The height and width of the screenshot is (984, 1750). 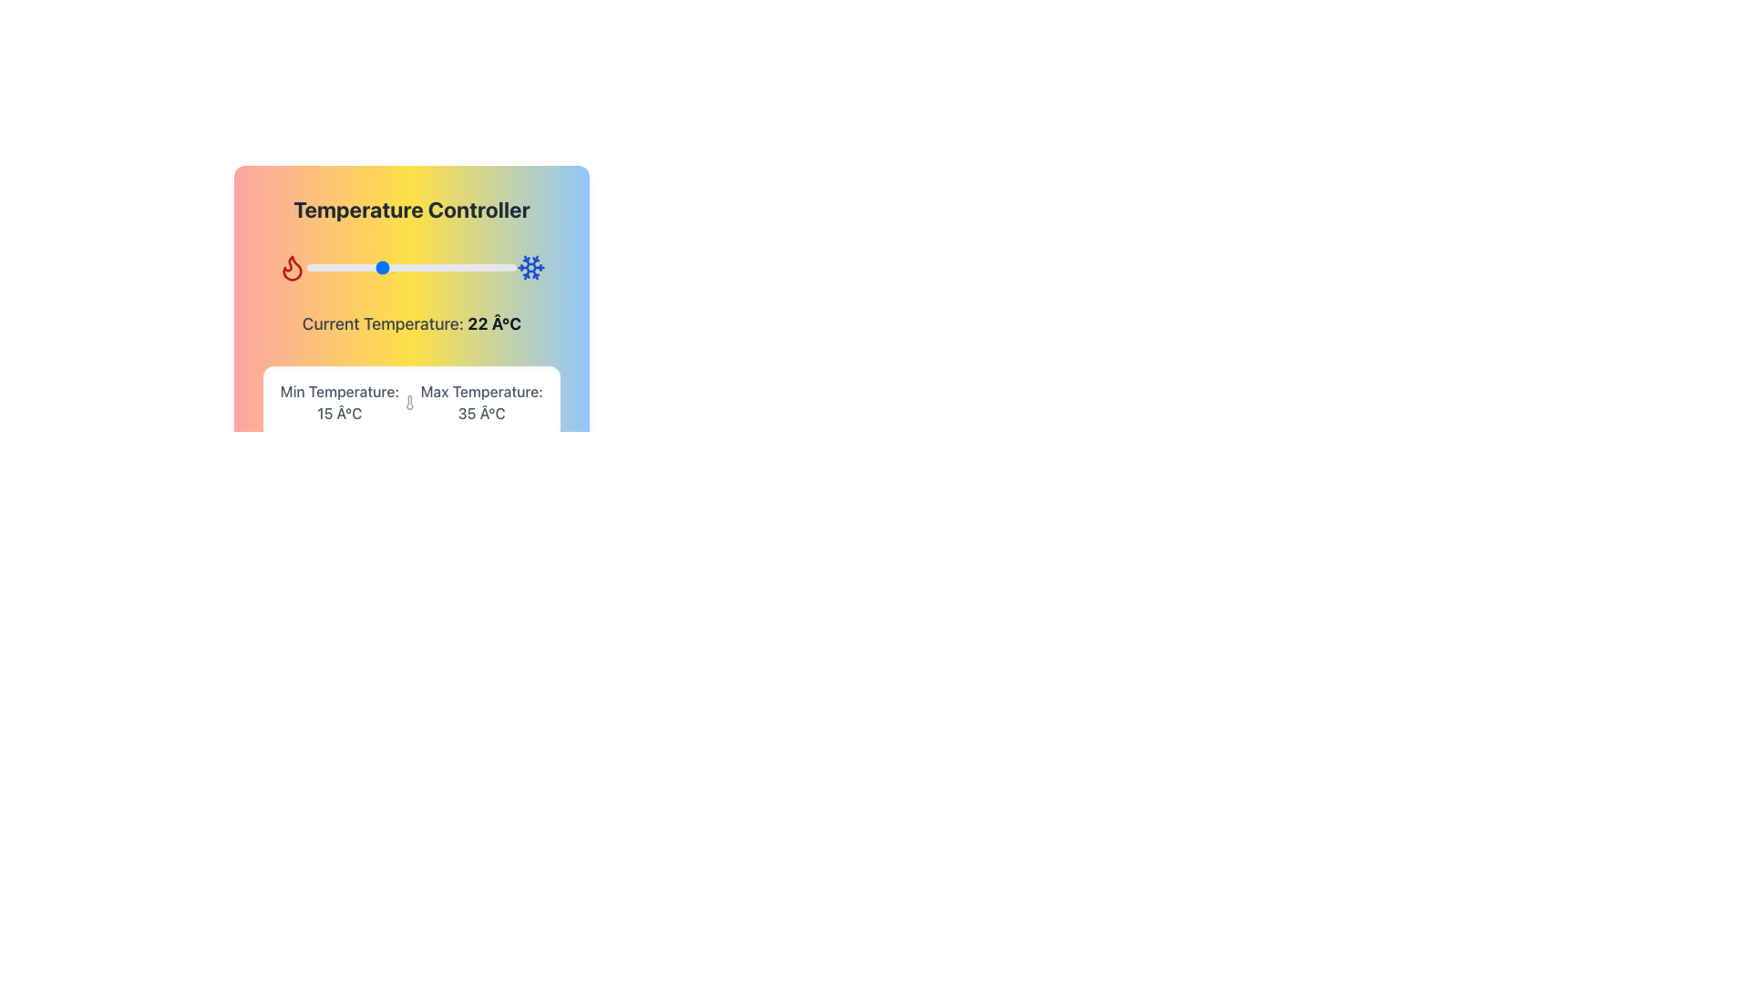 What do you see at coordinates (306, 267) in the screenshot?
I see `temperature` at bounding box center [306, 267].